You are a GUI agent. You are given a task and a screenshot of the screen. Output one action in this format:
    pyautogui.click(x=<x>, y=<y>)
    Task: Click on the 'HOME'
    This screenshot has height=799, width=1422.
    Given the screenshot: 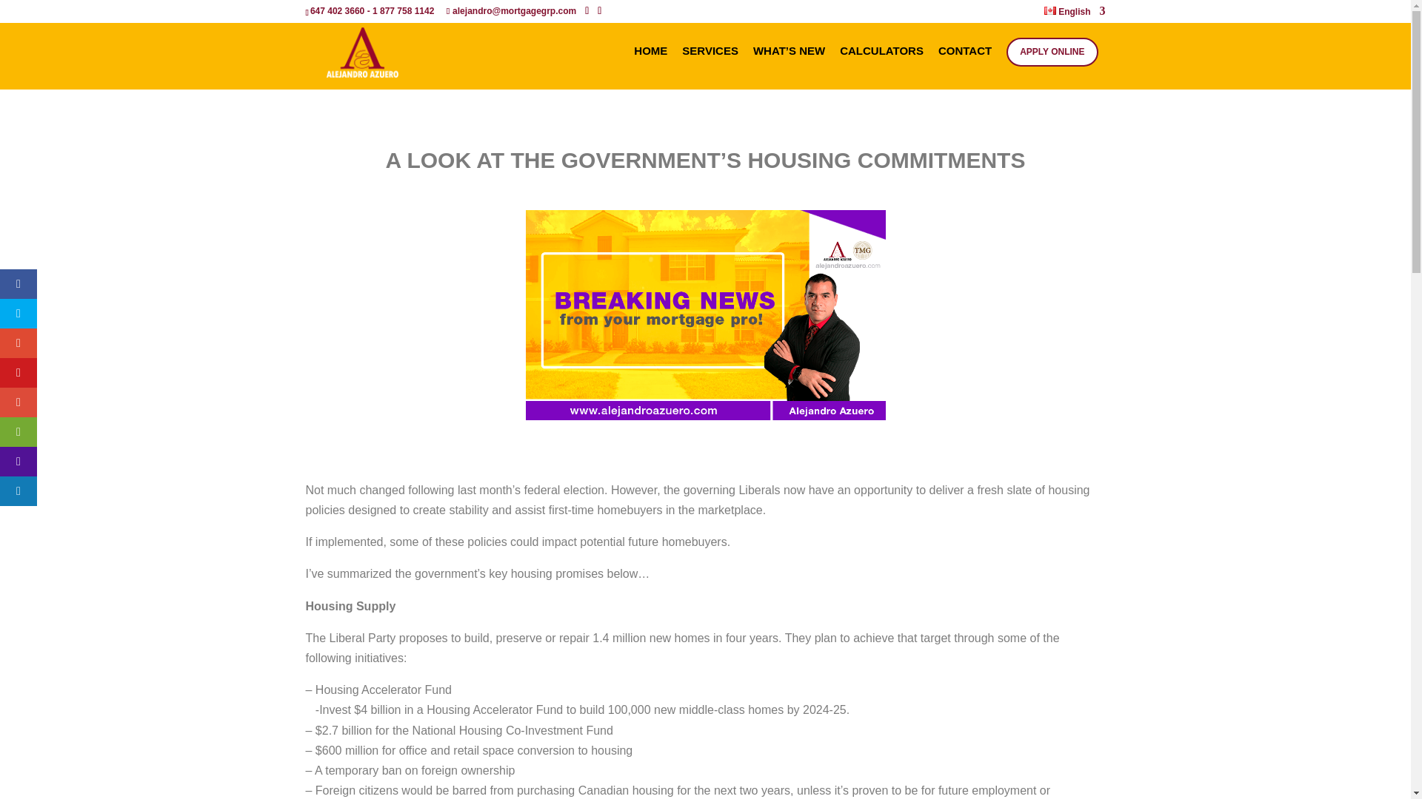 What is the action you would take?
    pyautogui.click(x=650, y=67)
    